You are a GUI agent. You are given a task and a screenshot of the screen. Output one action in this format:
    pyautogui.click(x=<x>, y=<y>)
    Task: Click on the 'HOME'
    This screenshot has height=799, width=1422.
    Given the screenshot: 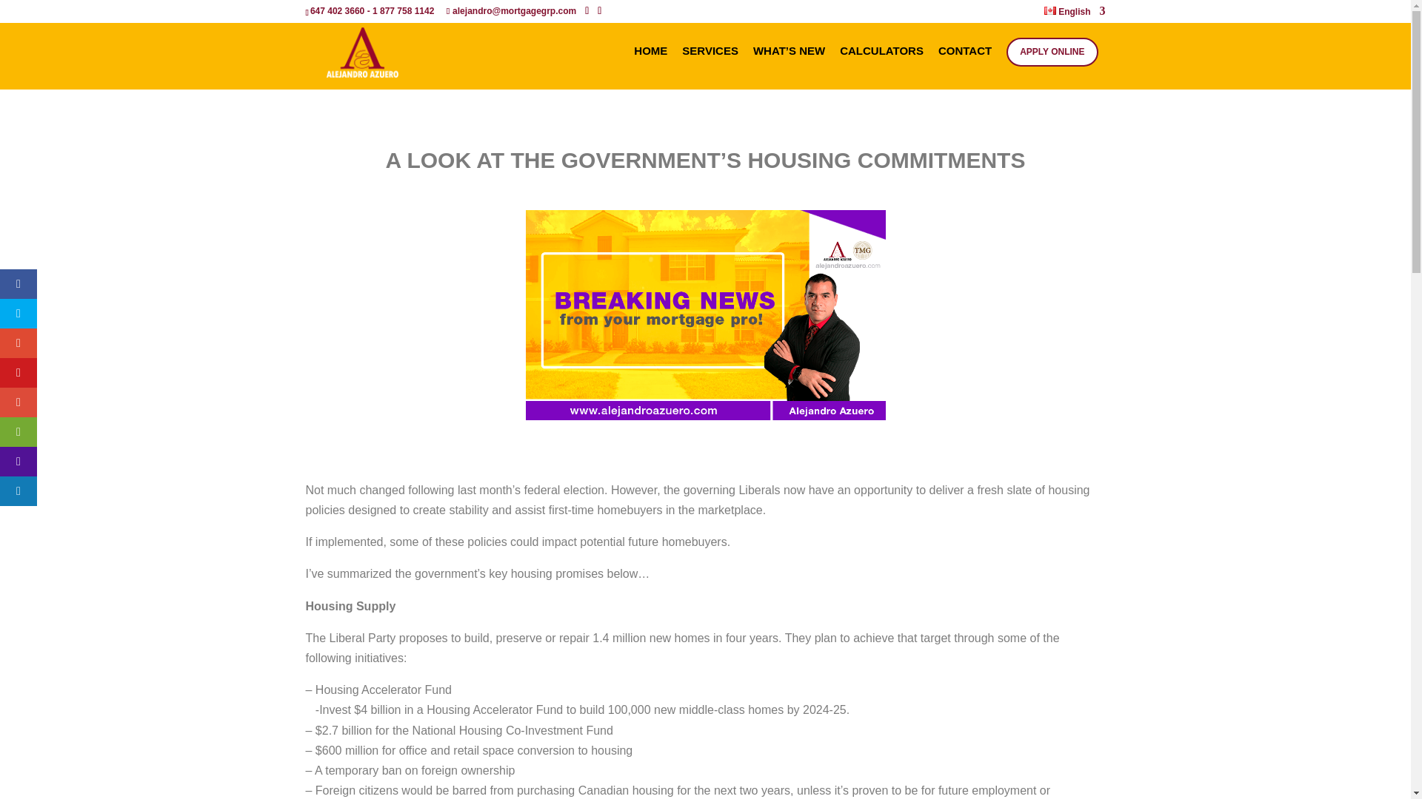 What is the action you would take?
    pyautogui.click(x=650, y=67)
    